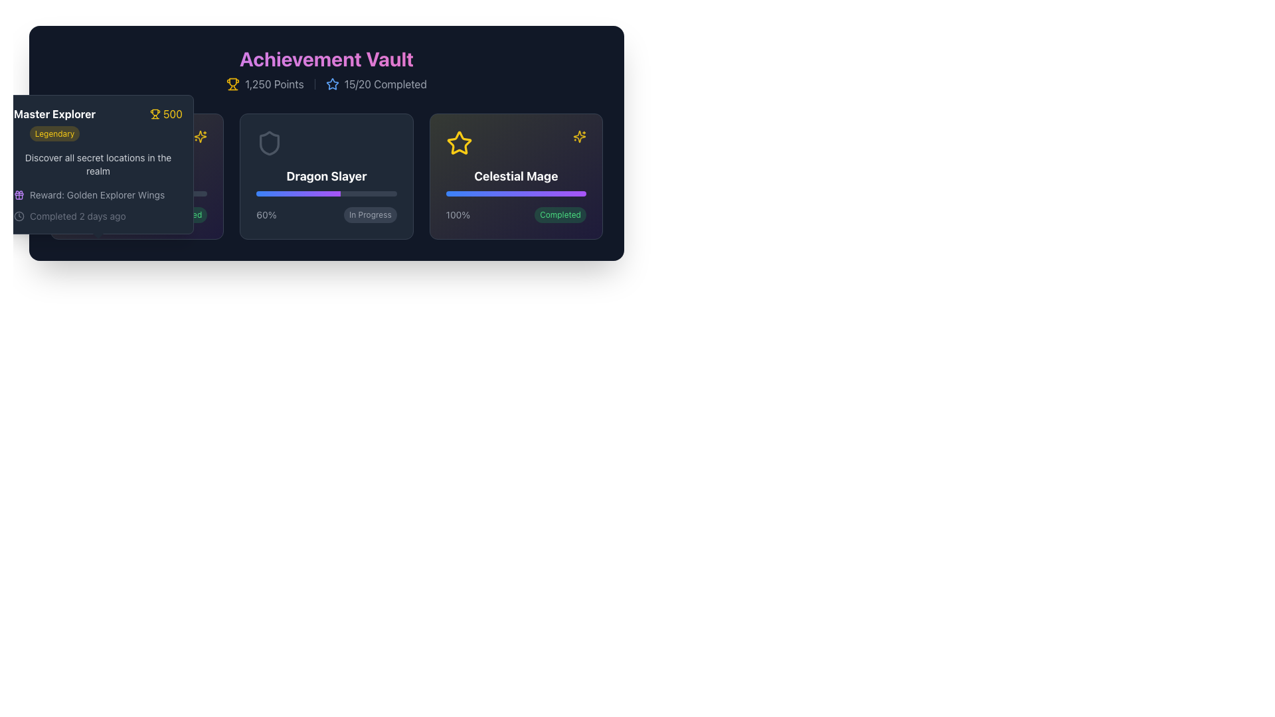  Describe the element at coordinates (79, 143) in the screenshot. I see `the yellow crown icon representing the 'Master Explorer' achievement, located above the description text and to the left of the '500' score display` at that location.